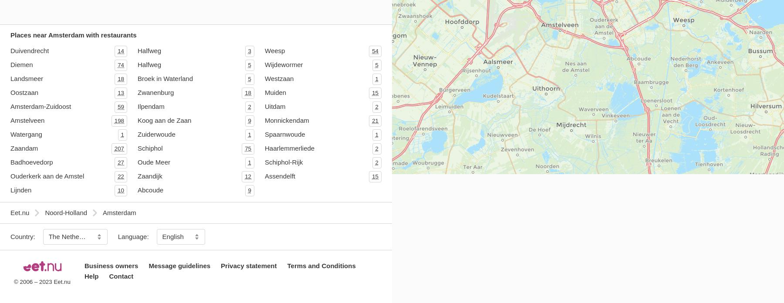 The image size is (784, 303). What do you see at coordinates (10, 64) in the screenshot?
I see `'Diemen'` at bounding box center [10, 64].